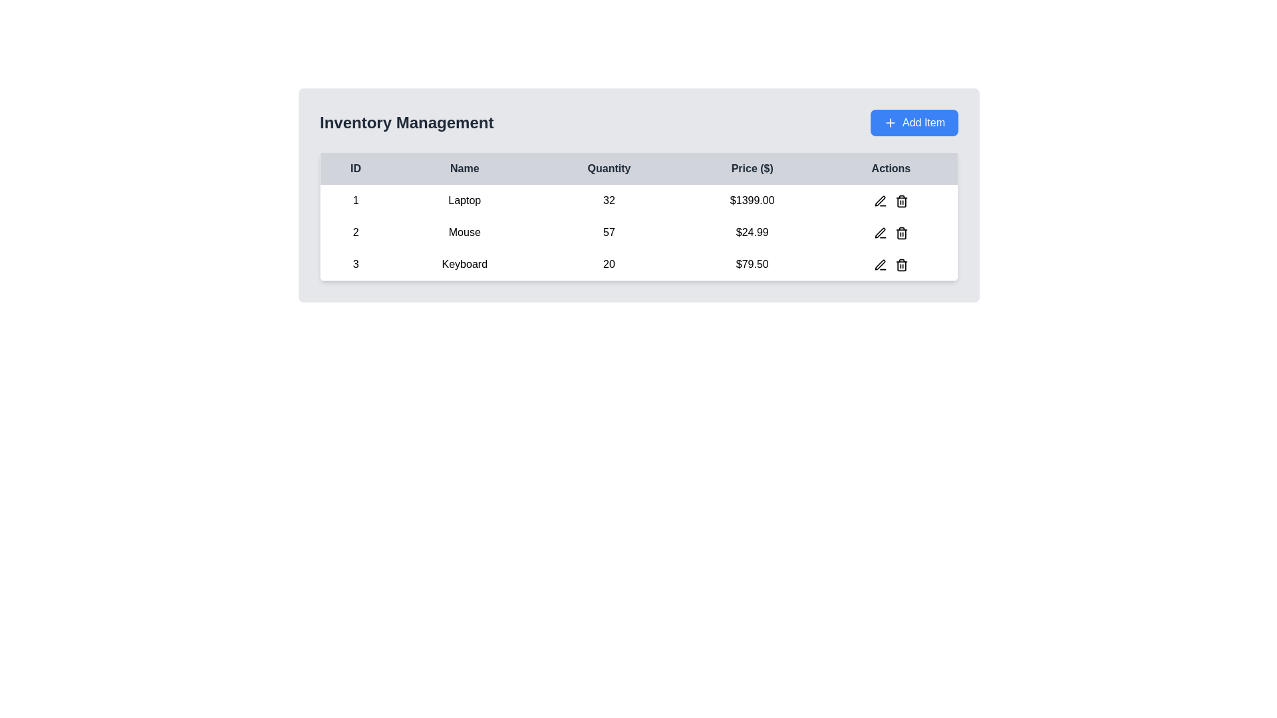 The width and height of the screenshot is (1277, 718). I want to click on the static text label displaying the price '$1399.00' for the item 'Laptop', located under the column labeled 'Price ($)', so click(752, 200).